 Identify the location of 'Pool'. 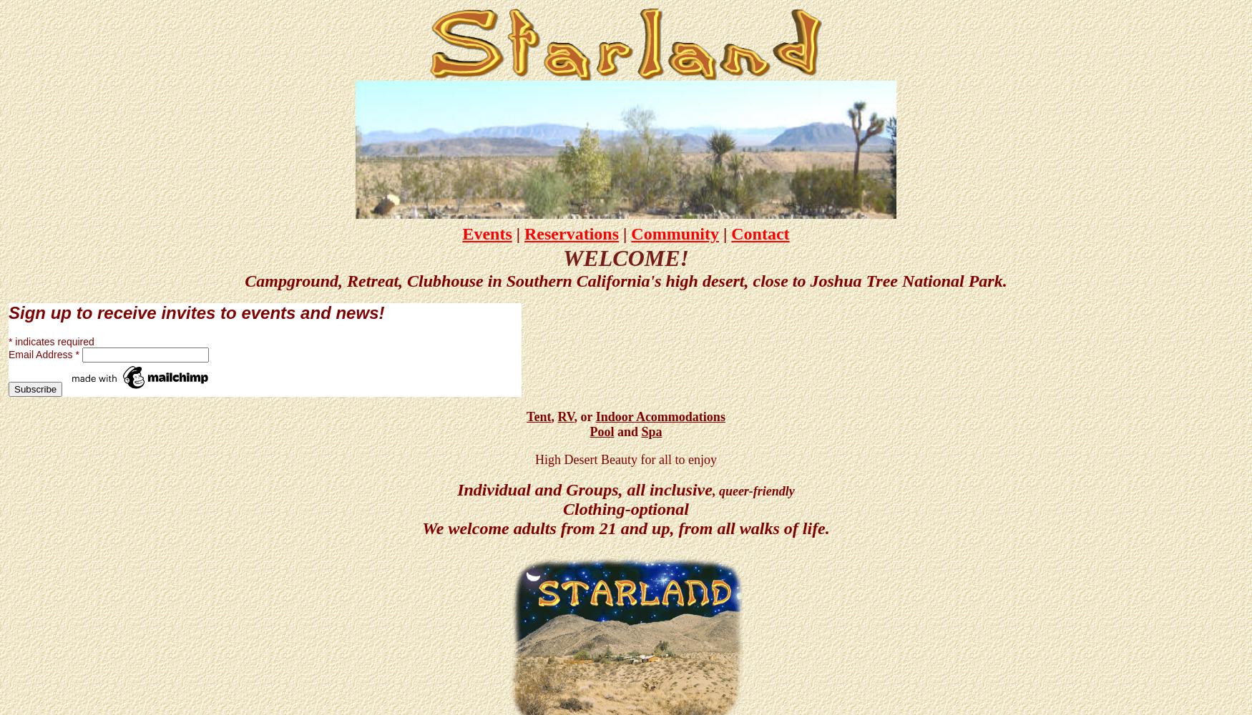
(602, 430).